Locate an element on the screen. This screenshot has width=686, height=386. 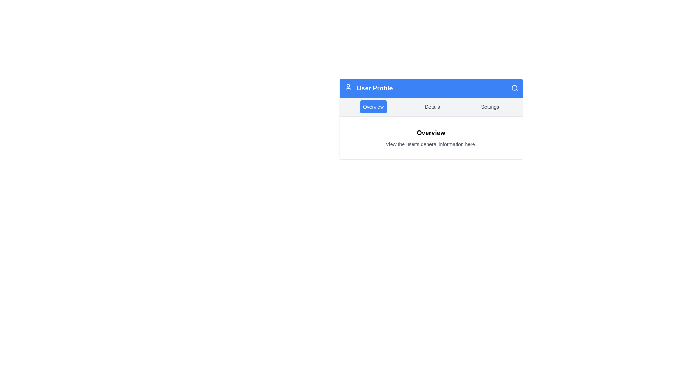
text block containing the heading 'Overview' and the description 'View the user's general information here.' which is located centrally below the 'User Profile' navigation bar is located at coordinates (431, 138).